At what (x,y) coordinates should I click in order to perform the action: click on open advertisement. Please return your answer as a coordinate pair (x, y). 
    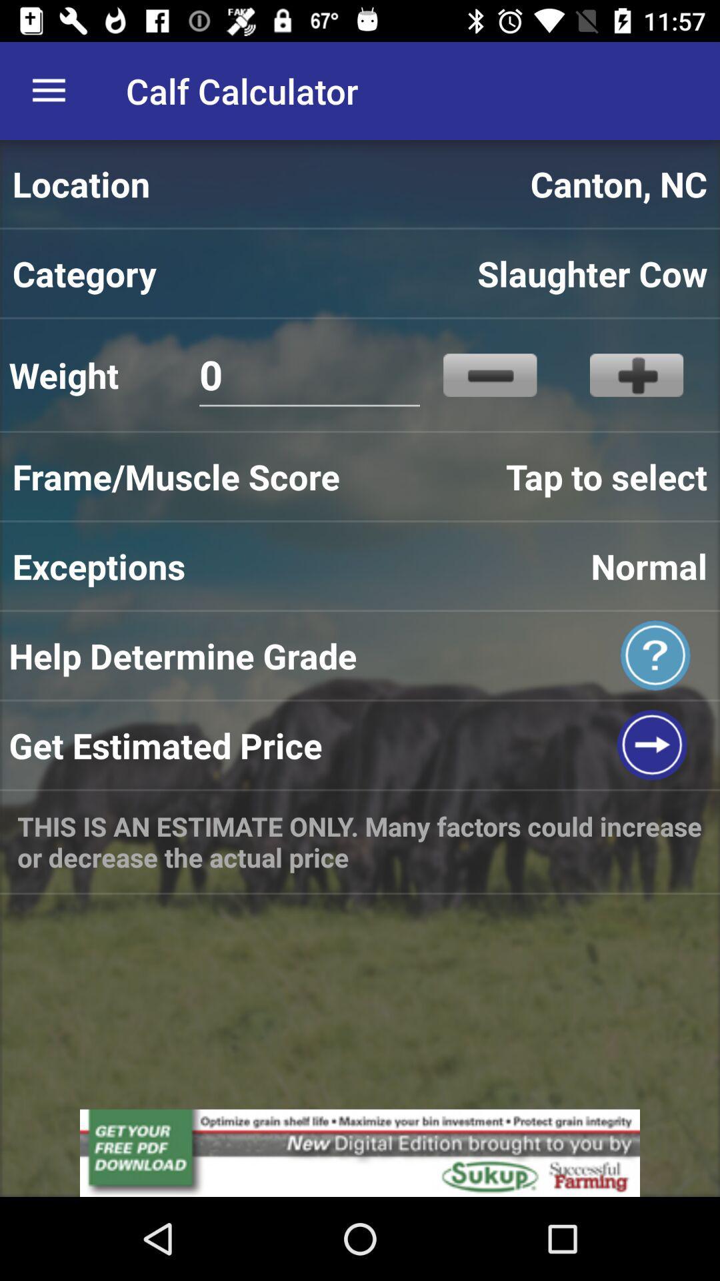
    Looking at the image, I should click on (360, 1152).